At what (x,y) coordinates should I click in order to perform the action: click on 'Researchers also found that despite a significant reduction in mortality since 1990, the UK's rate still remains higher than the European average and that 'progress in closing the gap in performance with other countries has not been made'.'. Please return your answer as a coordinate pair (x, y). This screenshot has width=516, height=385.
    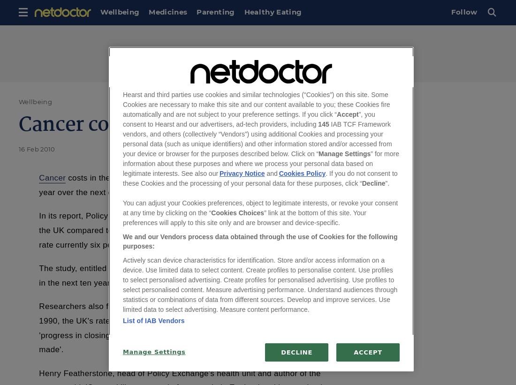
    Looking at the image, I should click on (181, 328).